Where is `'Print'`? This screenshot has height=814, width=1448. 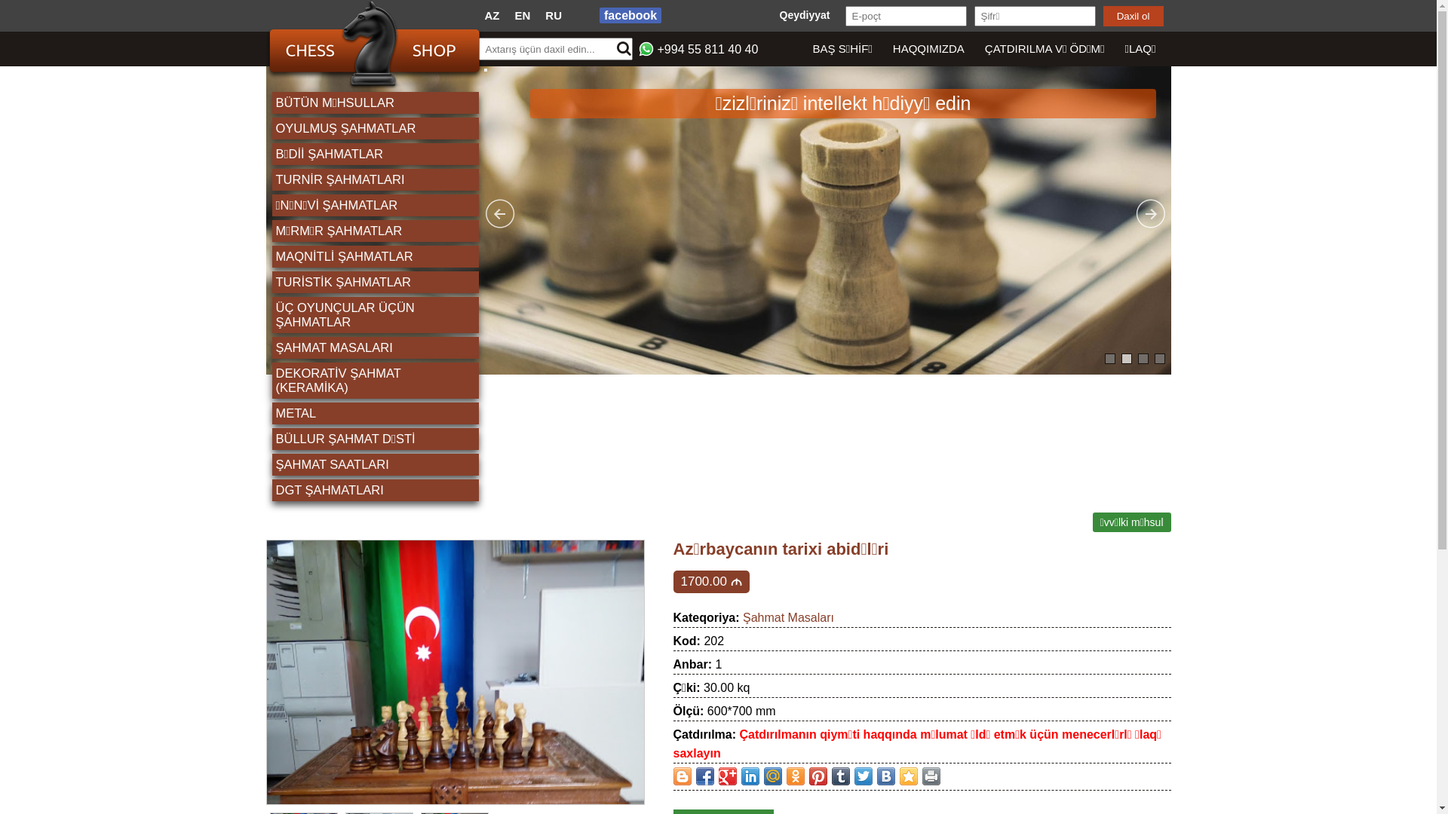 'Print' is located at coordinates (929, 776).